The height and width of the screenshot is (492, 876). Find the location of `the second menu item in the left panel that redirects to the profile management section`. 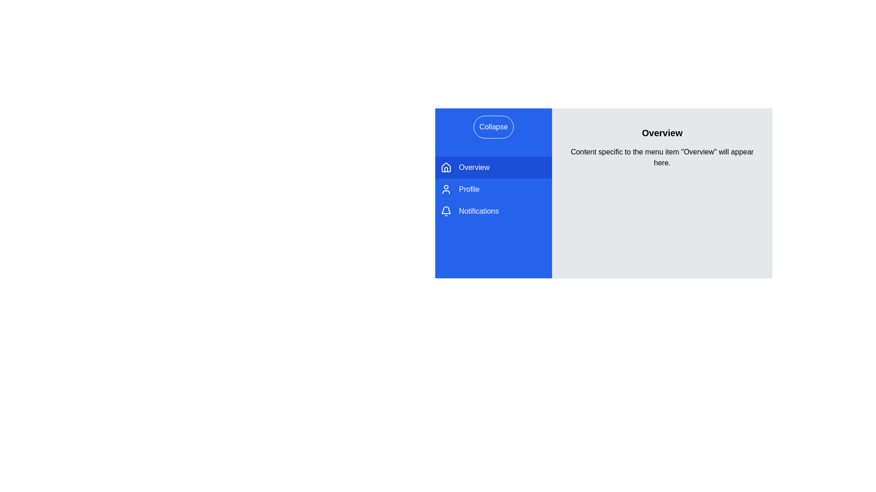

the second menu item in the left panel that redirects to the profile management section is located at coordinates (493, 189).